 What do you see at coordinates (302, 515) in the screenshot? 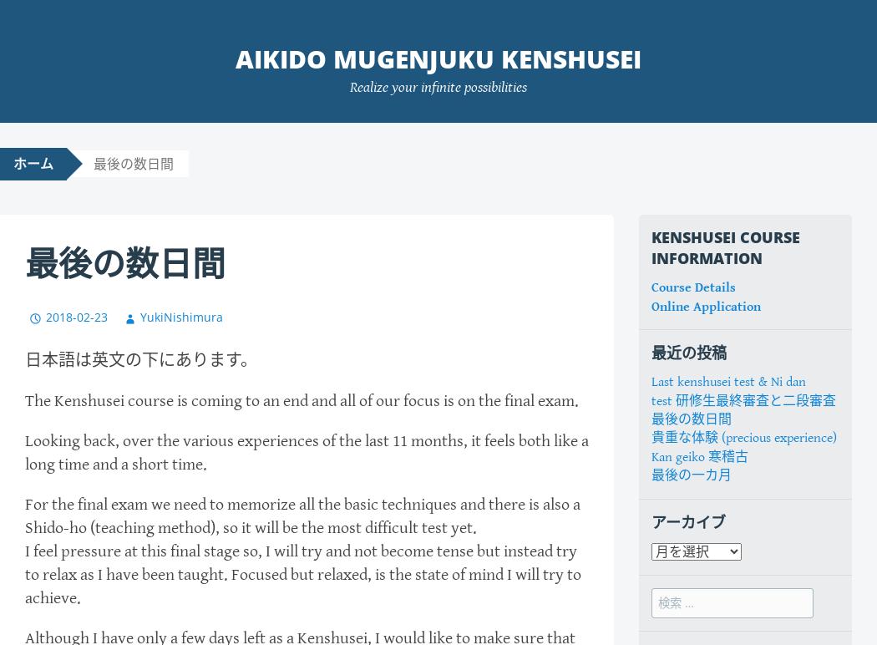
I see `'For the final exam we need to memorize all the basic techniques and there is also a Shido-ho (teaching method), so it will be the most difficult test yet.'` at bounding box center [302, 515].